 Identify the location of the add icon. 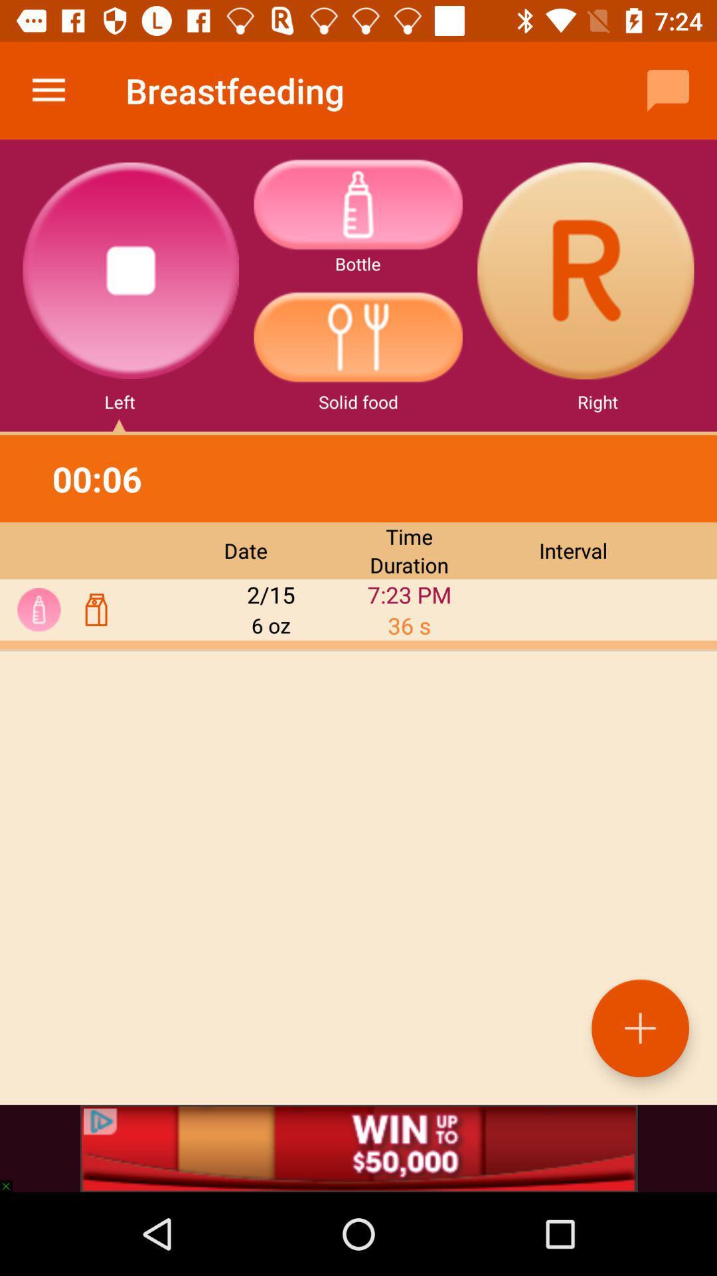
(639, 1027).